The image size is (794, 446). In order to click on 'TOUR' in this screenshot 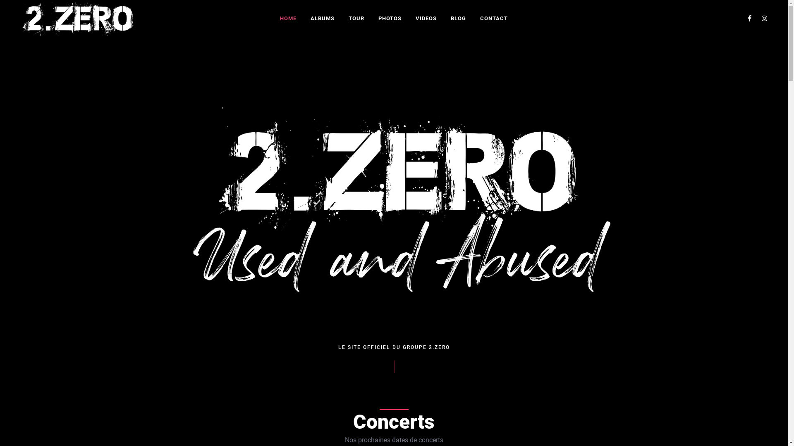, I will do `click(356, 18)`.